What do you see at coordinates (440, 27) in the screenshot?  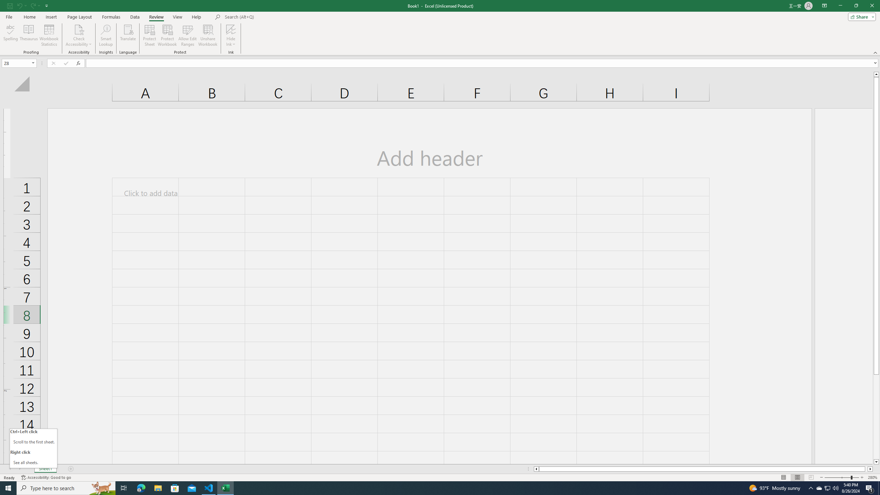 I see `'Class: MsoCommandBar'` at bounding box center [440, 27].